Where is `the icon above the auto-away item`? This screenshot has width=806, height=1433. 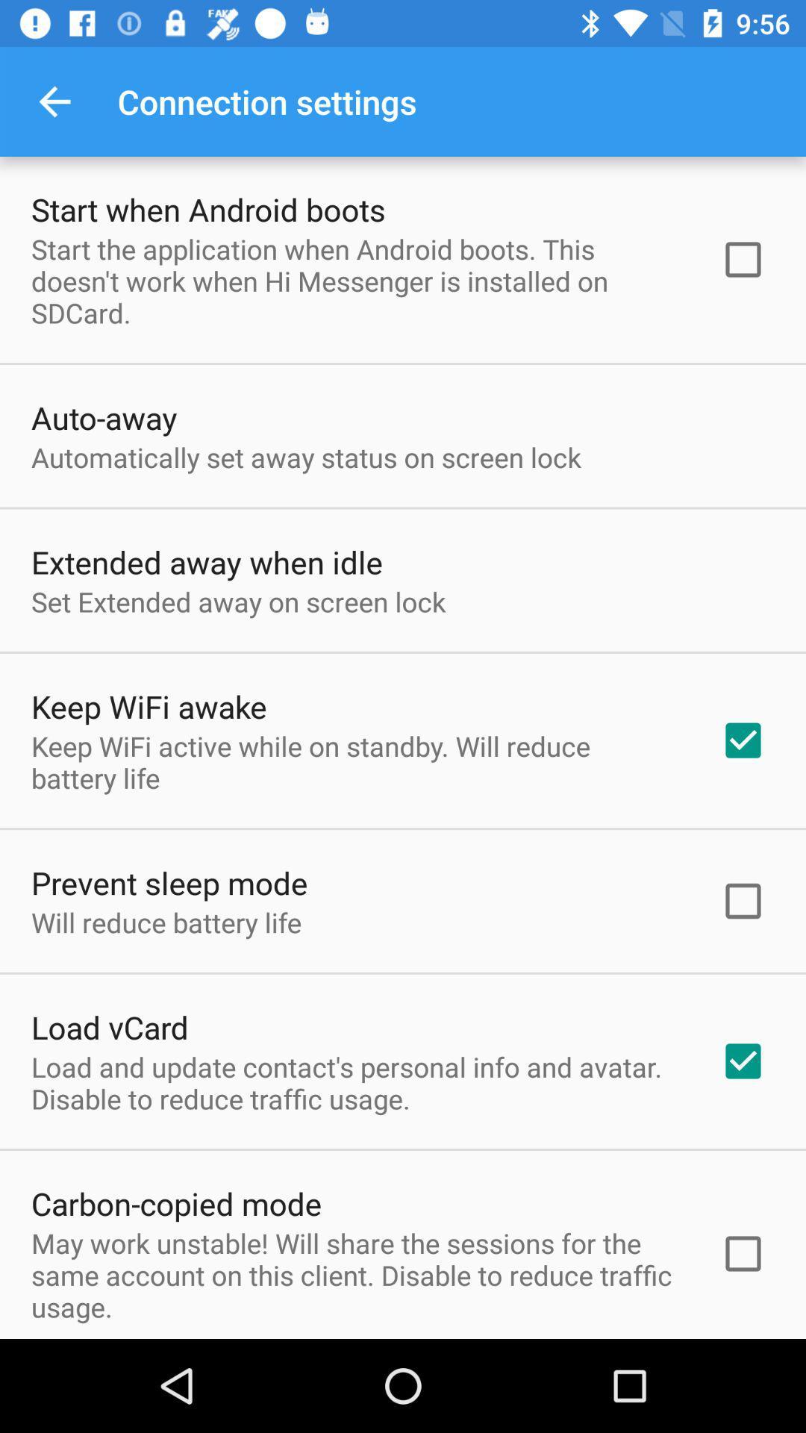 the icon above the auto-away item is located at coordinates (356, 281).